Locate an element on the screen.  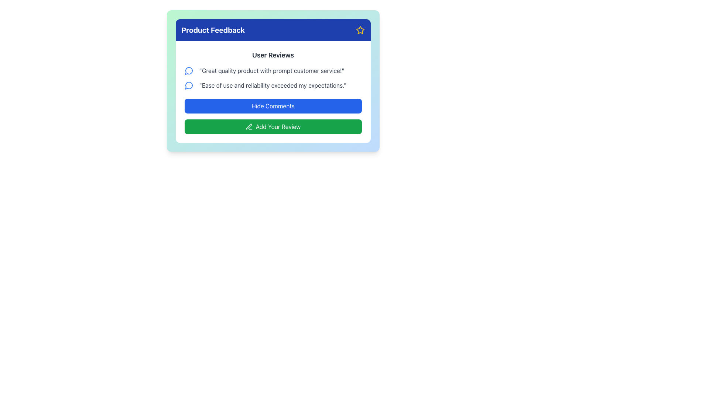
SVG comment icon located to the left of the user review text 'Ease of use and reliability exceeded my expectations.' is located at coordinates (188, 85).